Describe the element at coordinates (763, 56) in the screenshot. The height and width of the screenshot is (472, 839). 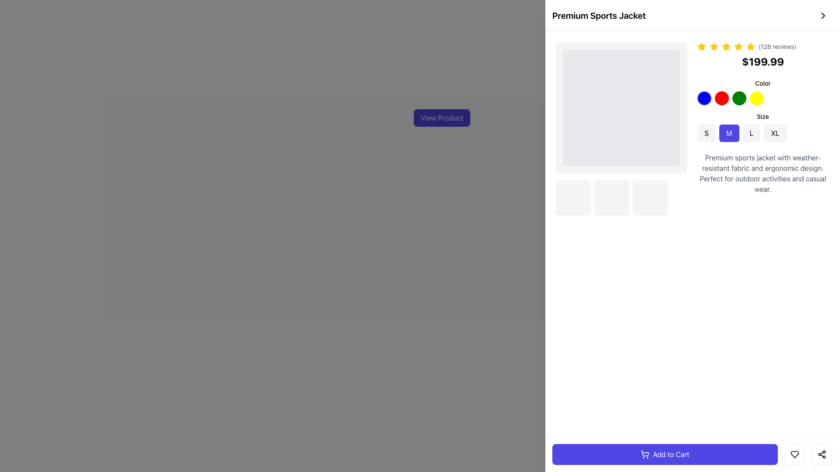
I see `text content of the price label displaying '$199.99', which is located below the star rating and review count in the product details section` at that location.